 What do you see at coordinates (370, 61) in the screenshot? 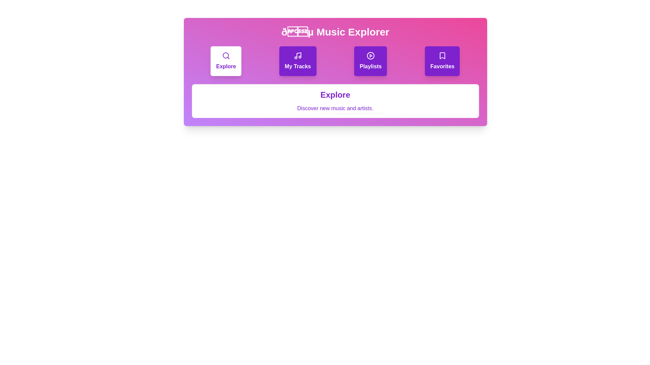
I see `the tab Playlists` at bounding box center [370, 61].